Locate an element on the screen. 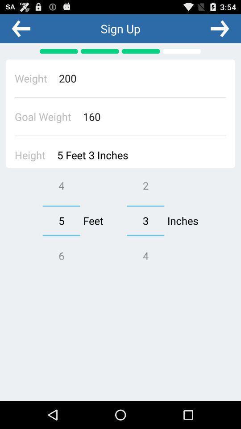 The image size is (241, 429). the arrow_forward icon is located at coordinates (219, 30).